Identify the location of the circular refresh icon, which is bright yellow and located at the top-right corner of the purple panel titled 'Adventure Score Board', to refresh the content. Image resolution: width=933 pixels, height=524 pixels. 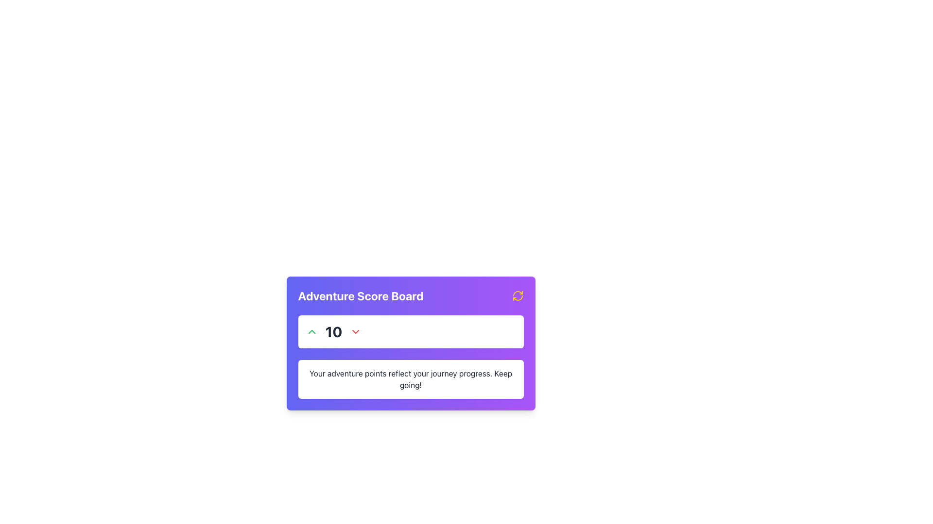
(517, 295).